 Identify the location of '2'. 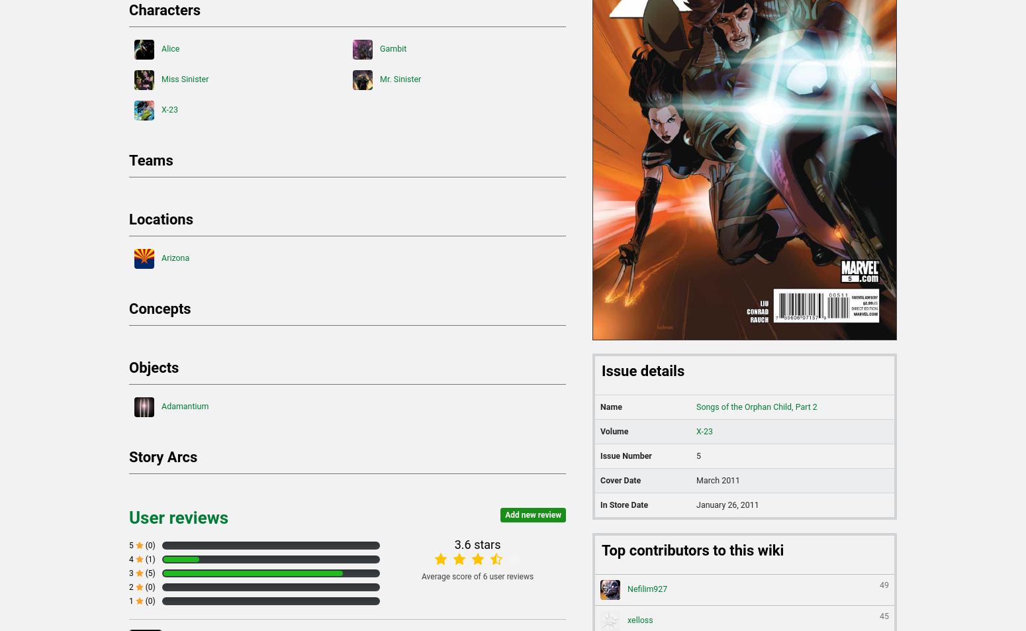
(131, 587).